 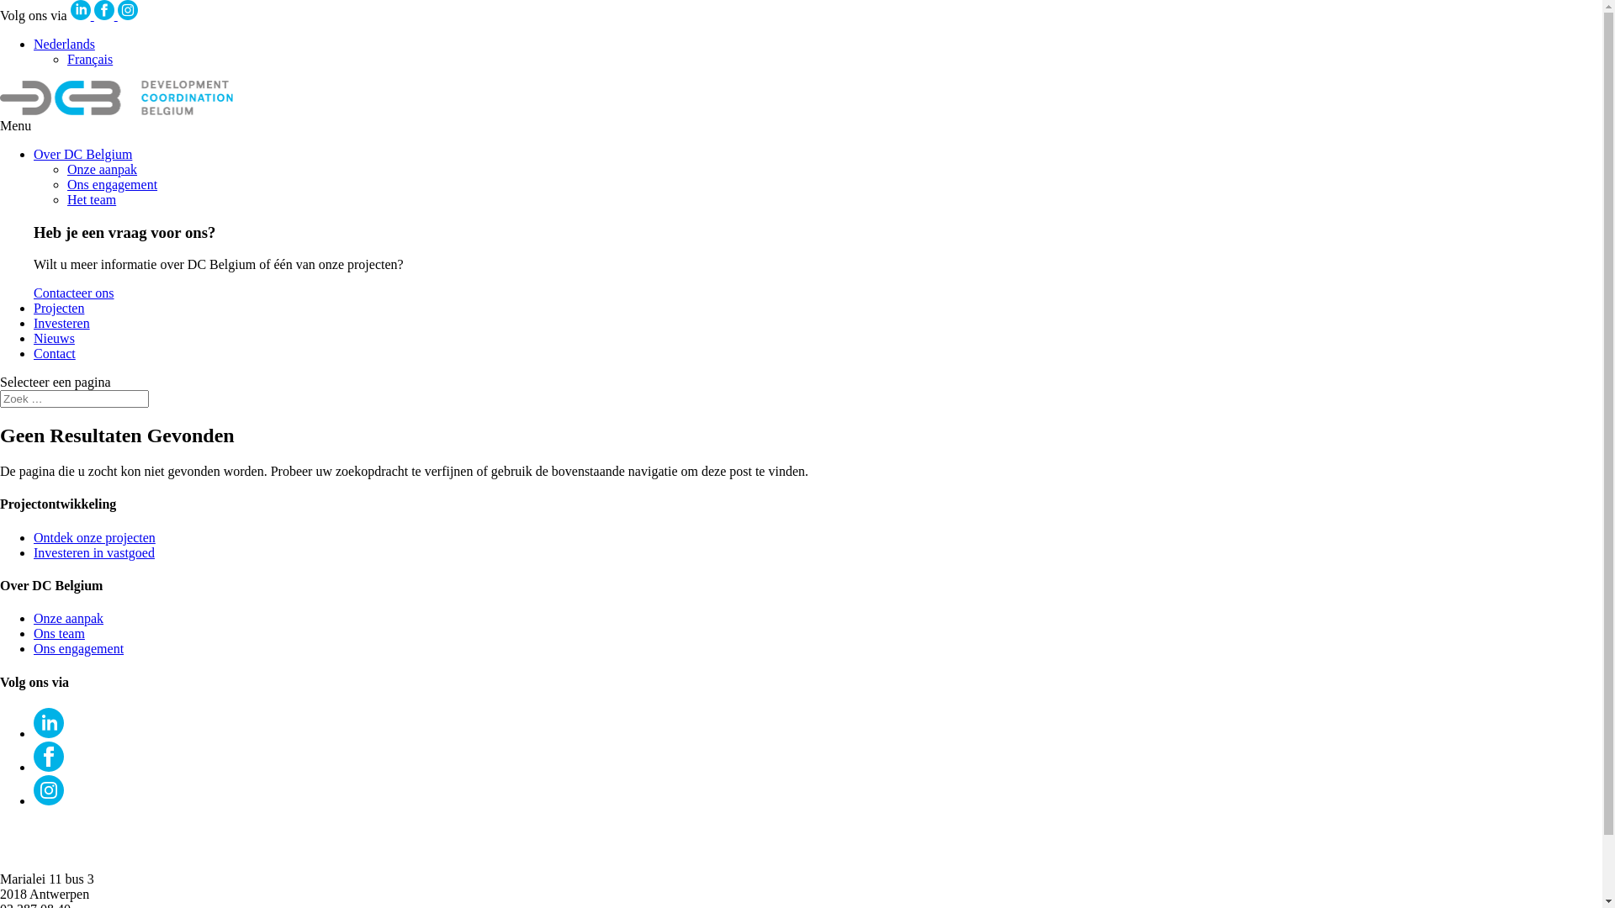 I want to click on 'Investeren in vastgoed', so click(x=93, y=552).